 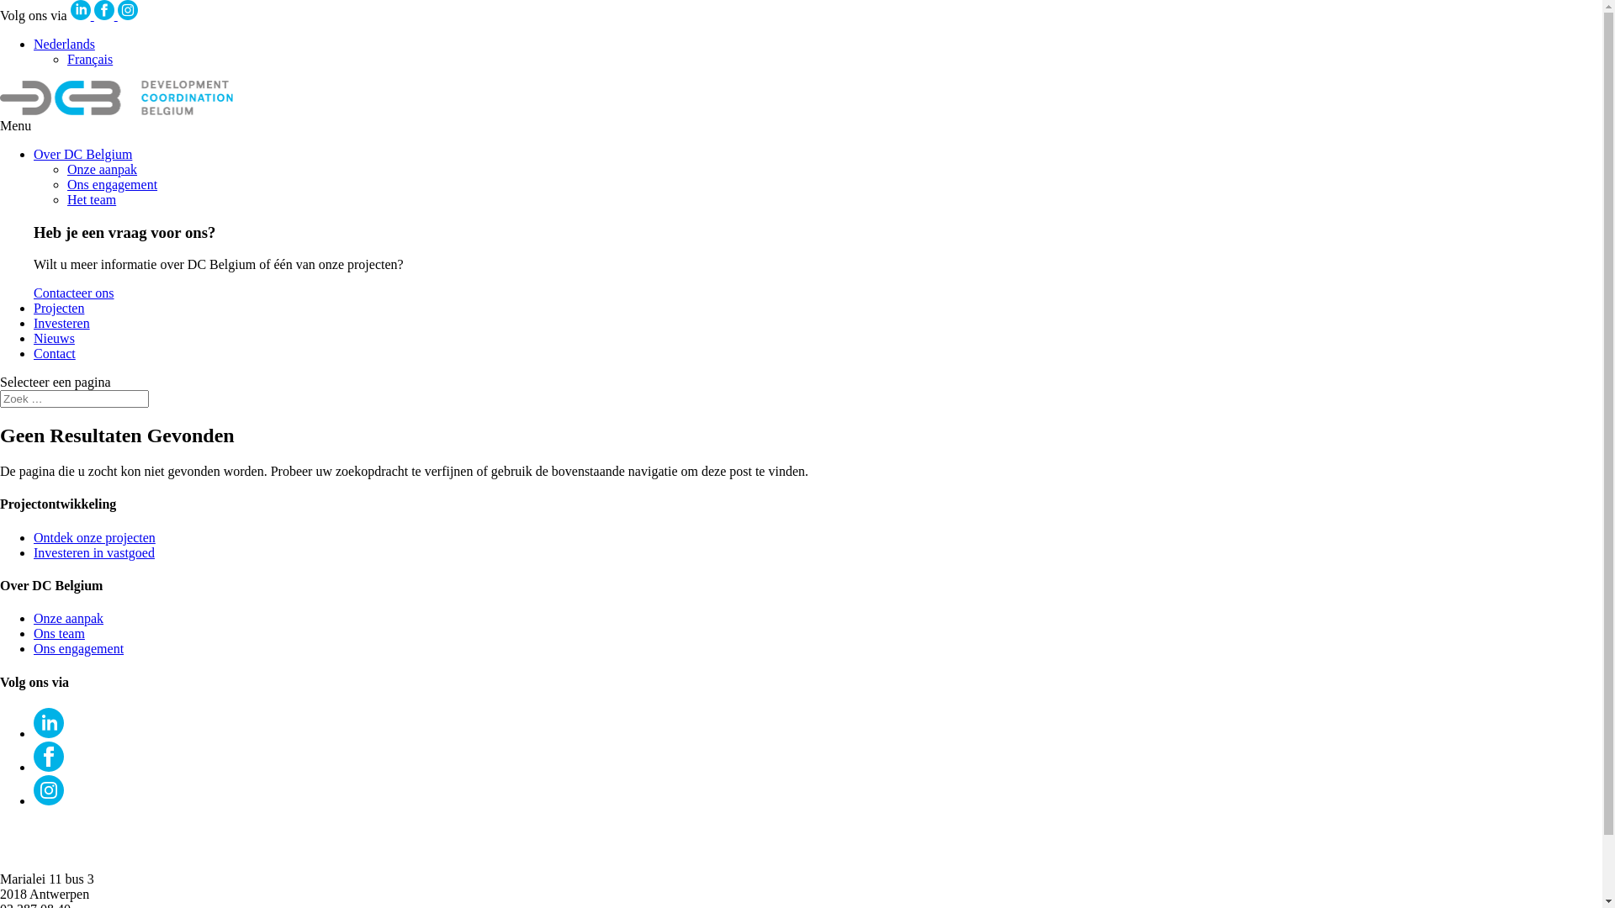 I want to click on 'Investeren in vastgoed', so click(x=93, y=552).